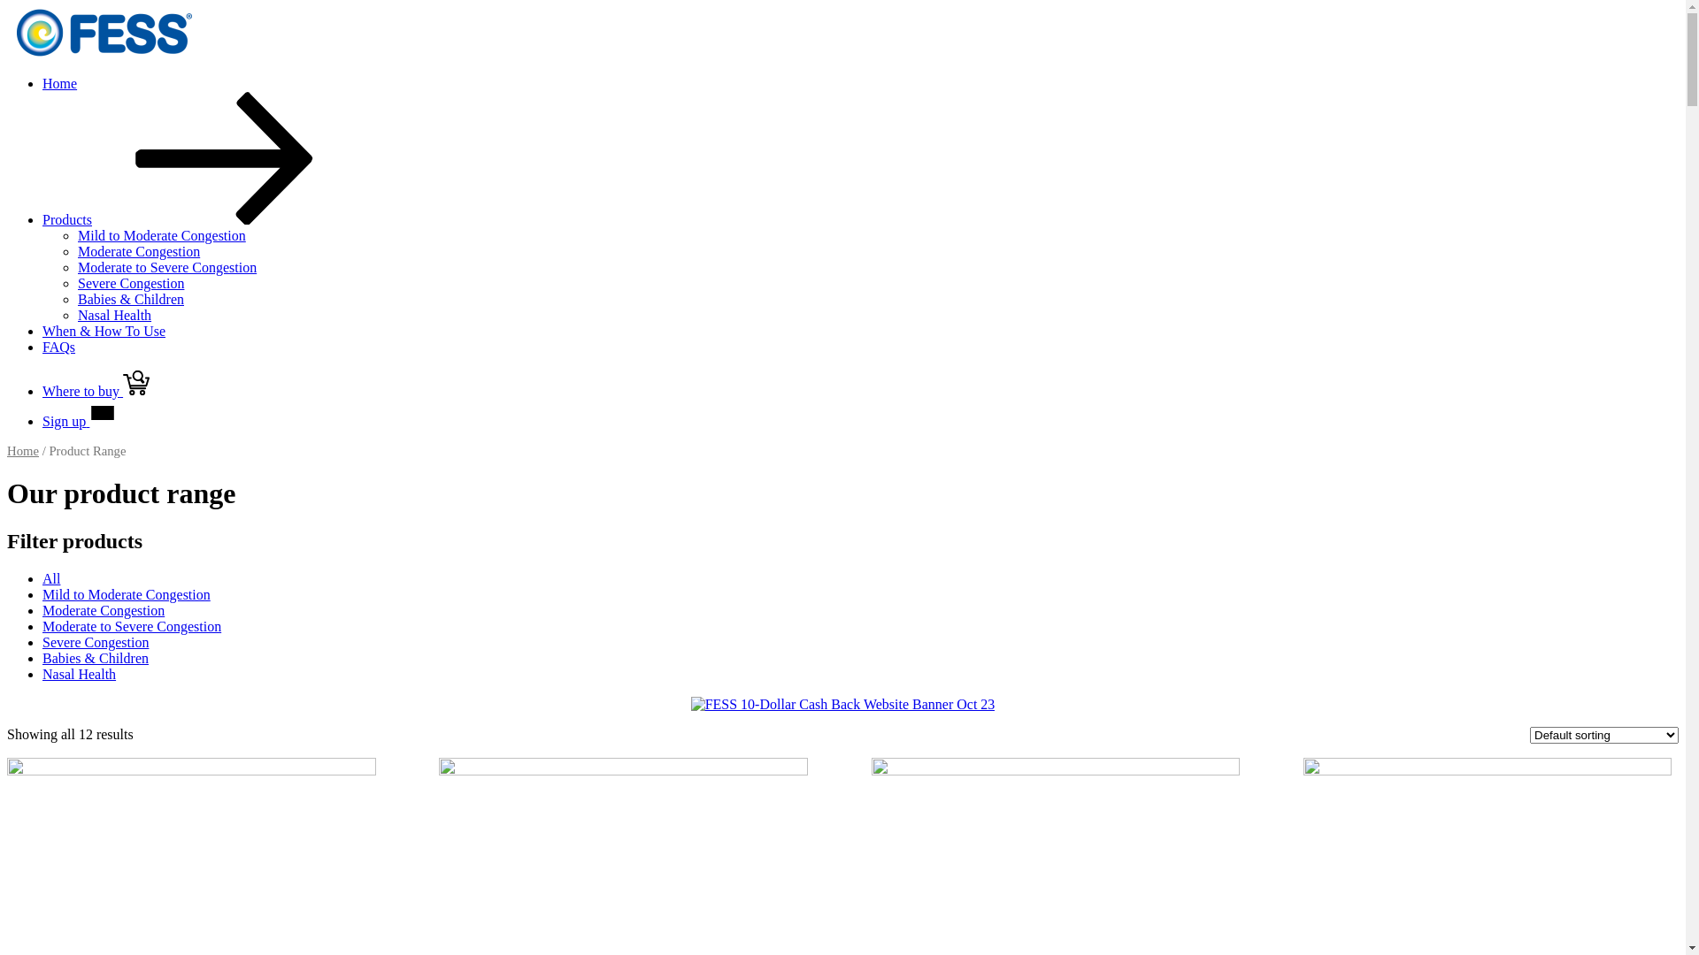  Describe the element at coordinates (130, 298) in the screenshot. I see `'Babies & Children'` at that location.